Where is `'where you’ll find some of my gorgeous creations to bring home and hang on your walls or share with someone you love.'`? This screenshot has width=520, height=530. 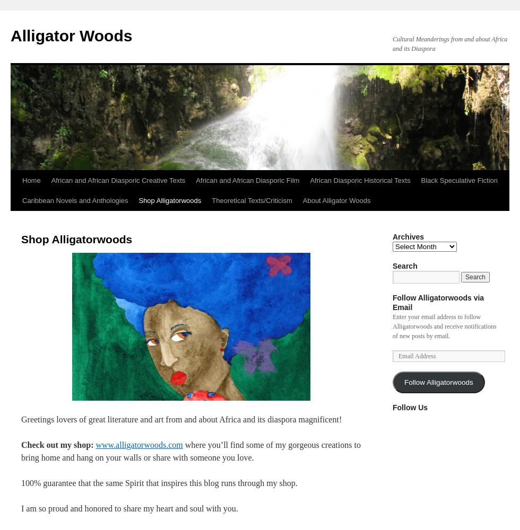
'where you’ll find some of my gorgeous creations to bring home and hang on your walls or share with someone you love.' is located at coordinates (21, 450).